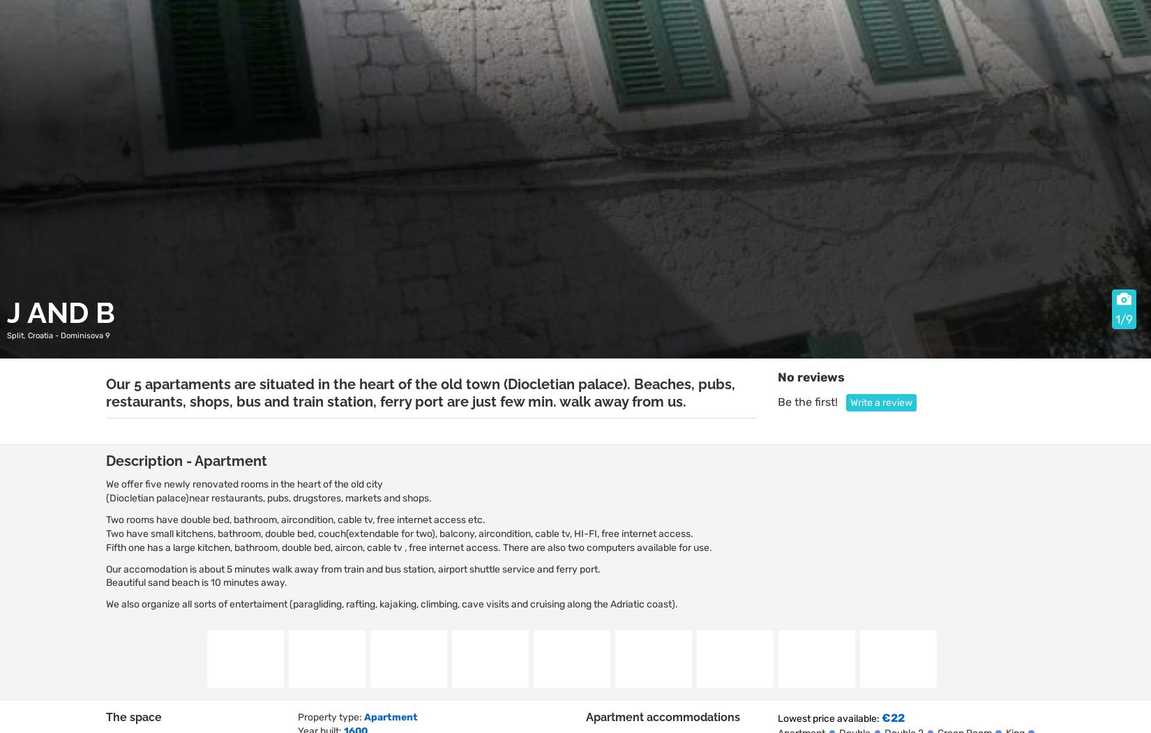 The image size is (1151, 733). What do you see at coordinates (829, 717) in the screenshot?
I see `'Lowest price available:'` at bounding box center [829, 717].